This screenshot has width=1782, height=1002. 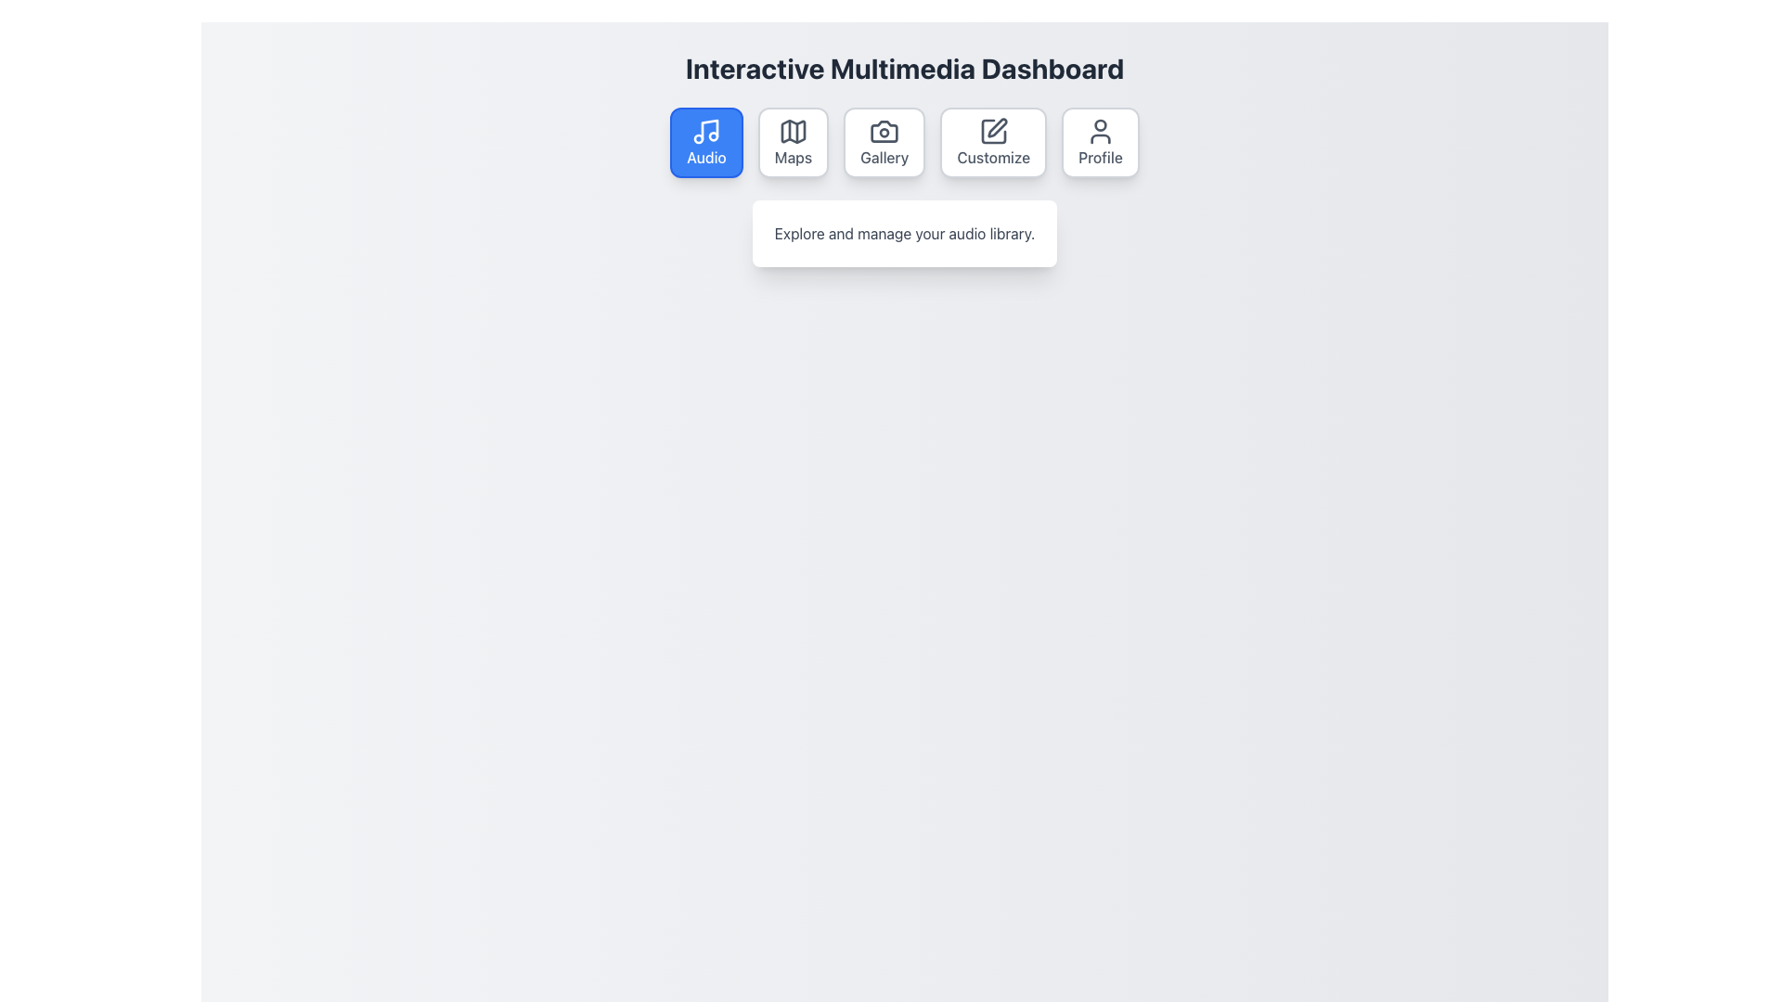 What do you see at coordinates (705, 156) in the screenshot?
I see `the blue rectangular button located at the top-left corner of the row, which contains a text label linking to the 'Audio' section` at bounding box center [705, 156].